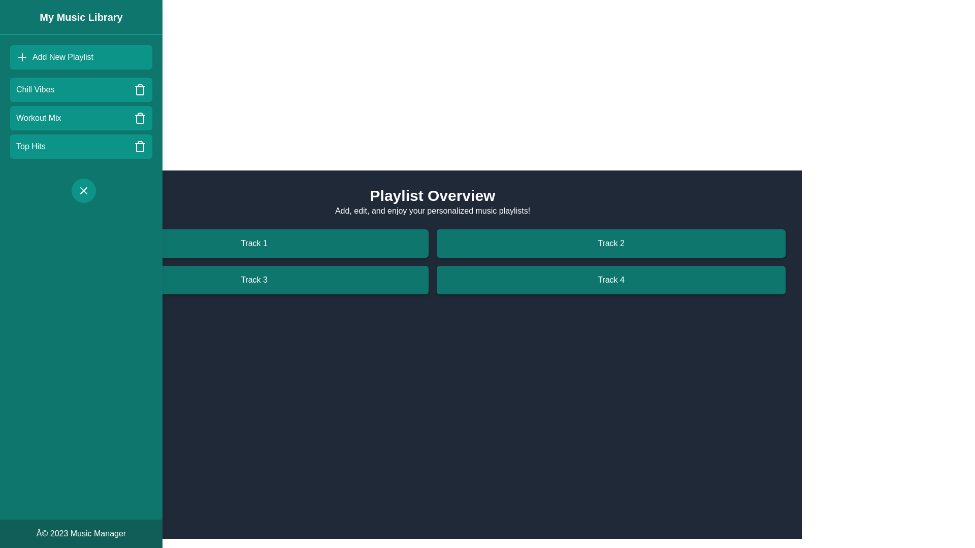 This screenshot has height=548, width=975. Describe the element at coordinates (254, 280) in the screenshot. I see `the button labeled 'Track 3'` at that location.